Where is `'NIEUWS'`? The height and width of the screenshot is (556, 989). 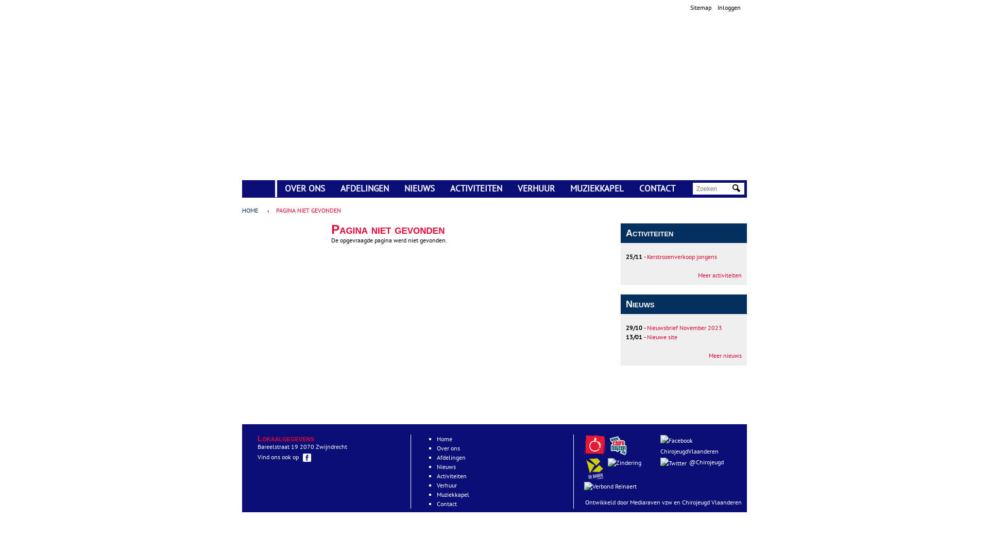 'NIEUWS' is located at coordinates (396, 188).